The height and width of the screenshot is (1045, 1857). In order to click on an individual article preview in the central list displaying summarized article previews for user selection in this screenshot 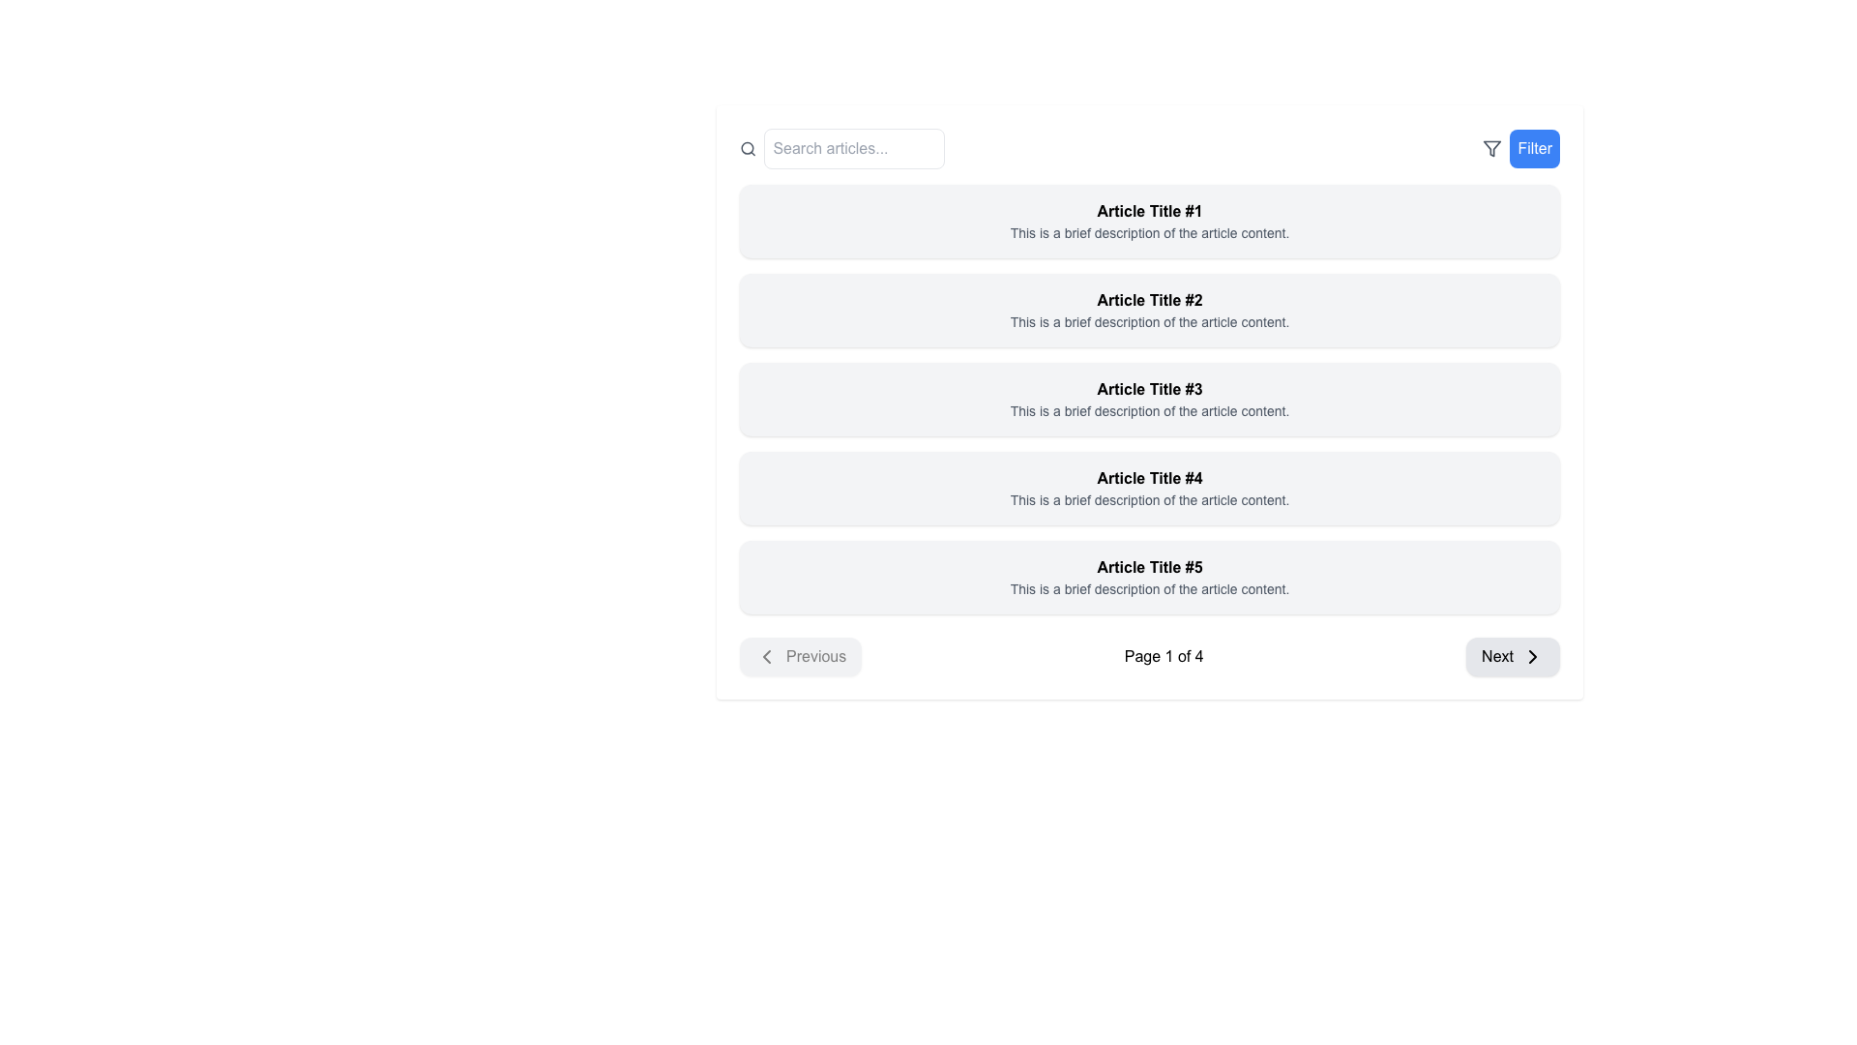, I will do `click(1150, 398)`.